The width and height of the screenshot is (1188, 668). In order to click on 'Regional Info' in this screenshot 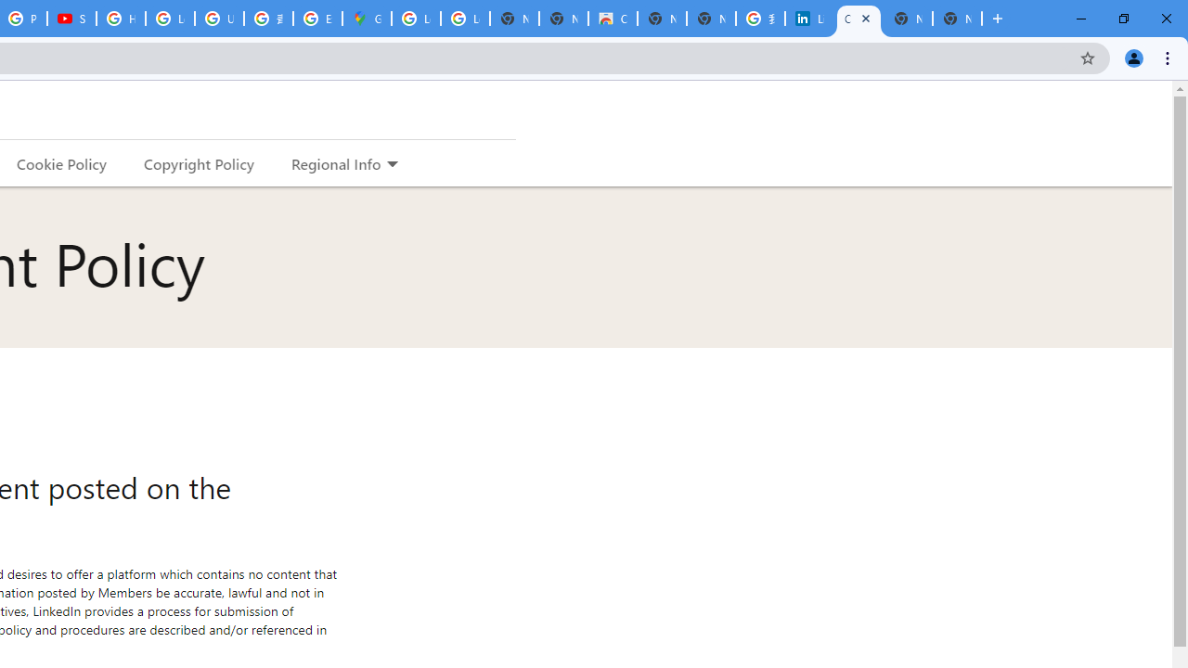, I will do `click(336, 162)`.